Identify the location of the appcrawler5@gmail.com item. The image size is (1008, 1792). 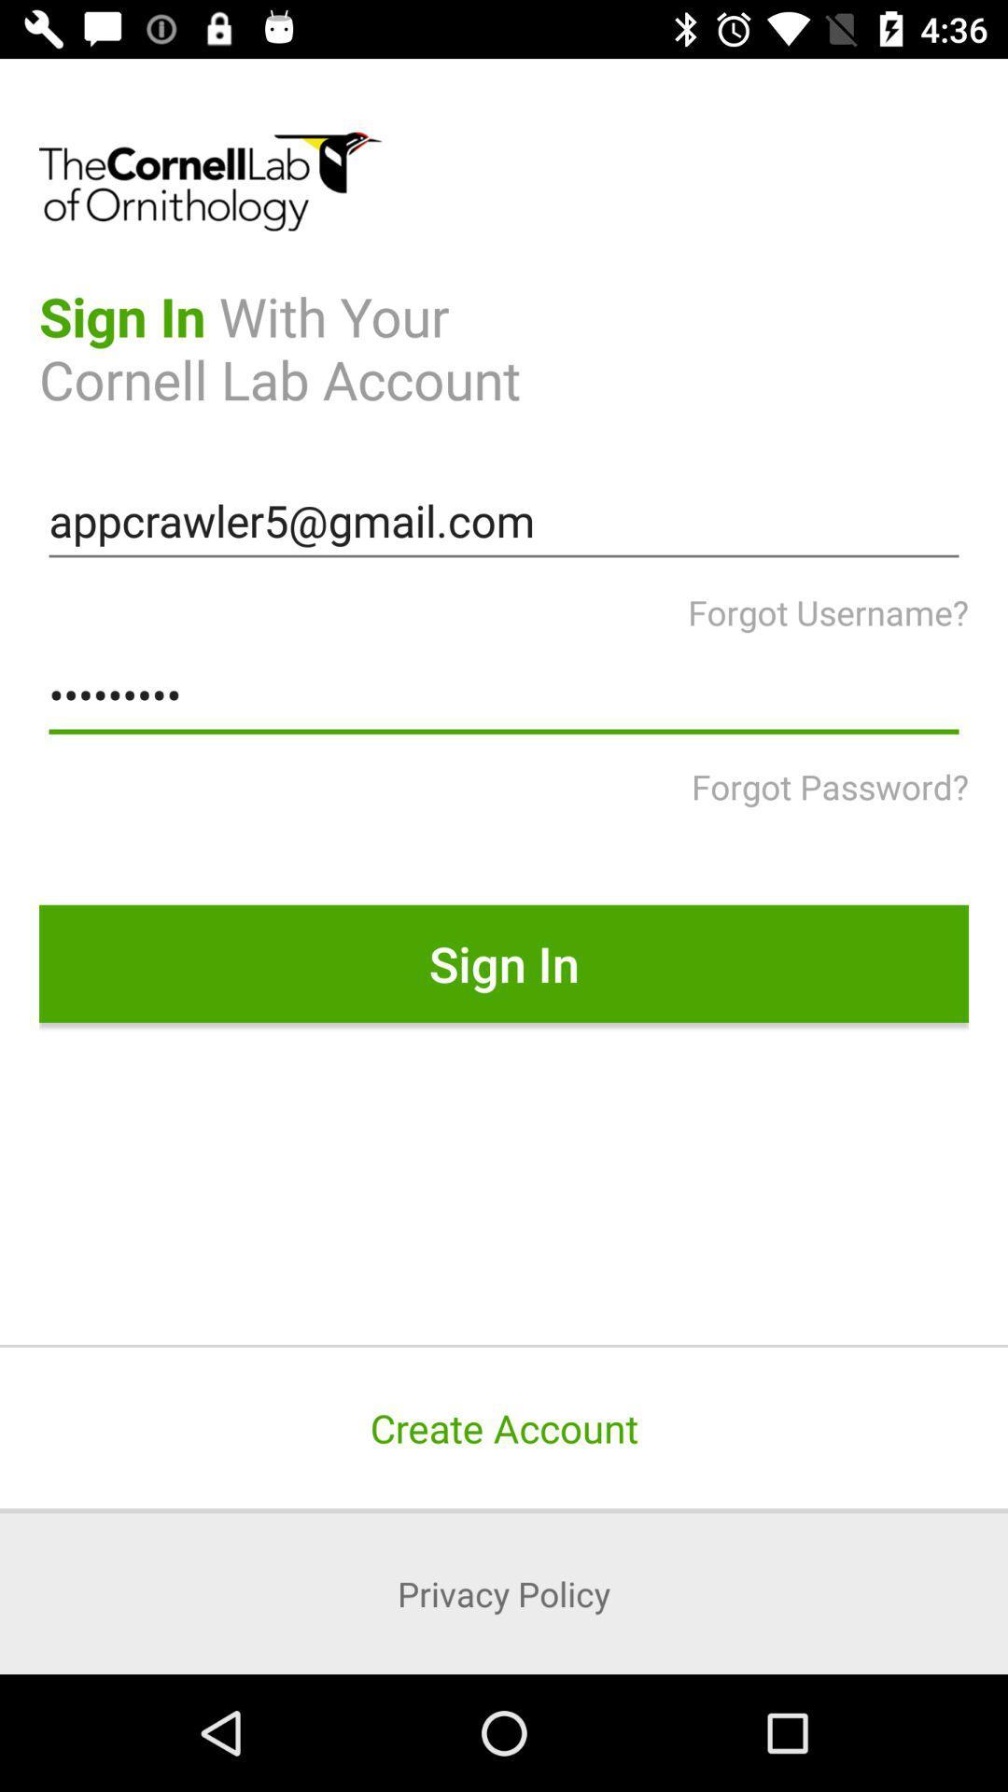
(504, 521).